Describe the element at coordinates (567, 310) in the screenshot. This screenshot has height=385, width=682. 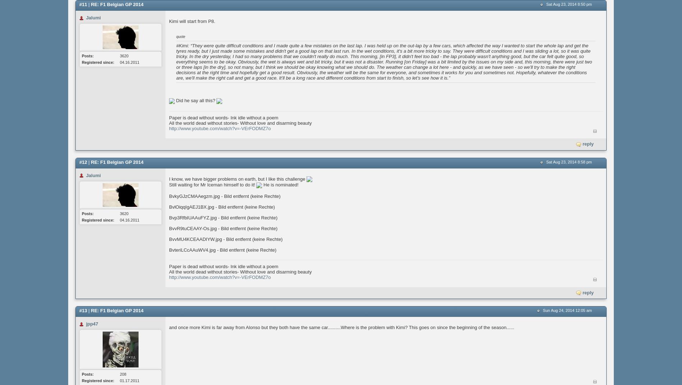
I see `'Sun Aug 24, 2014 12:05 am'` at that location.